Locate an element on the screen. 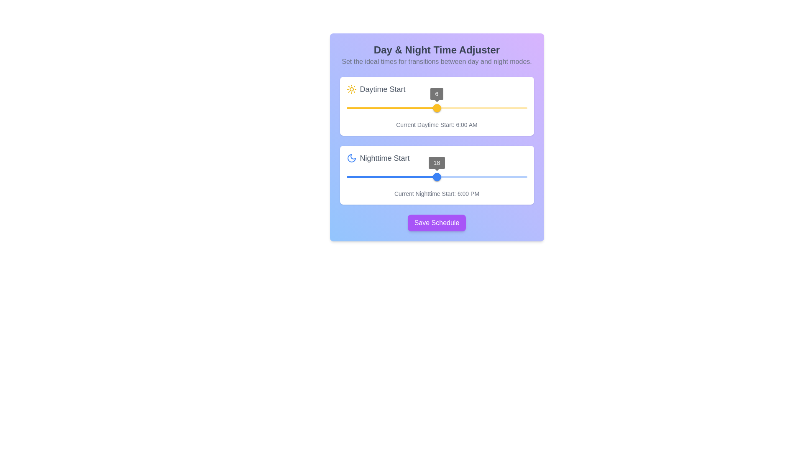 This screenshot has height=451, width=803. the Value Label that displays the current value ('6') of the slider, located above the slider marker in the 'Daytime Start' section is located at coordinates (436, 94).